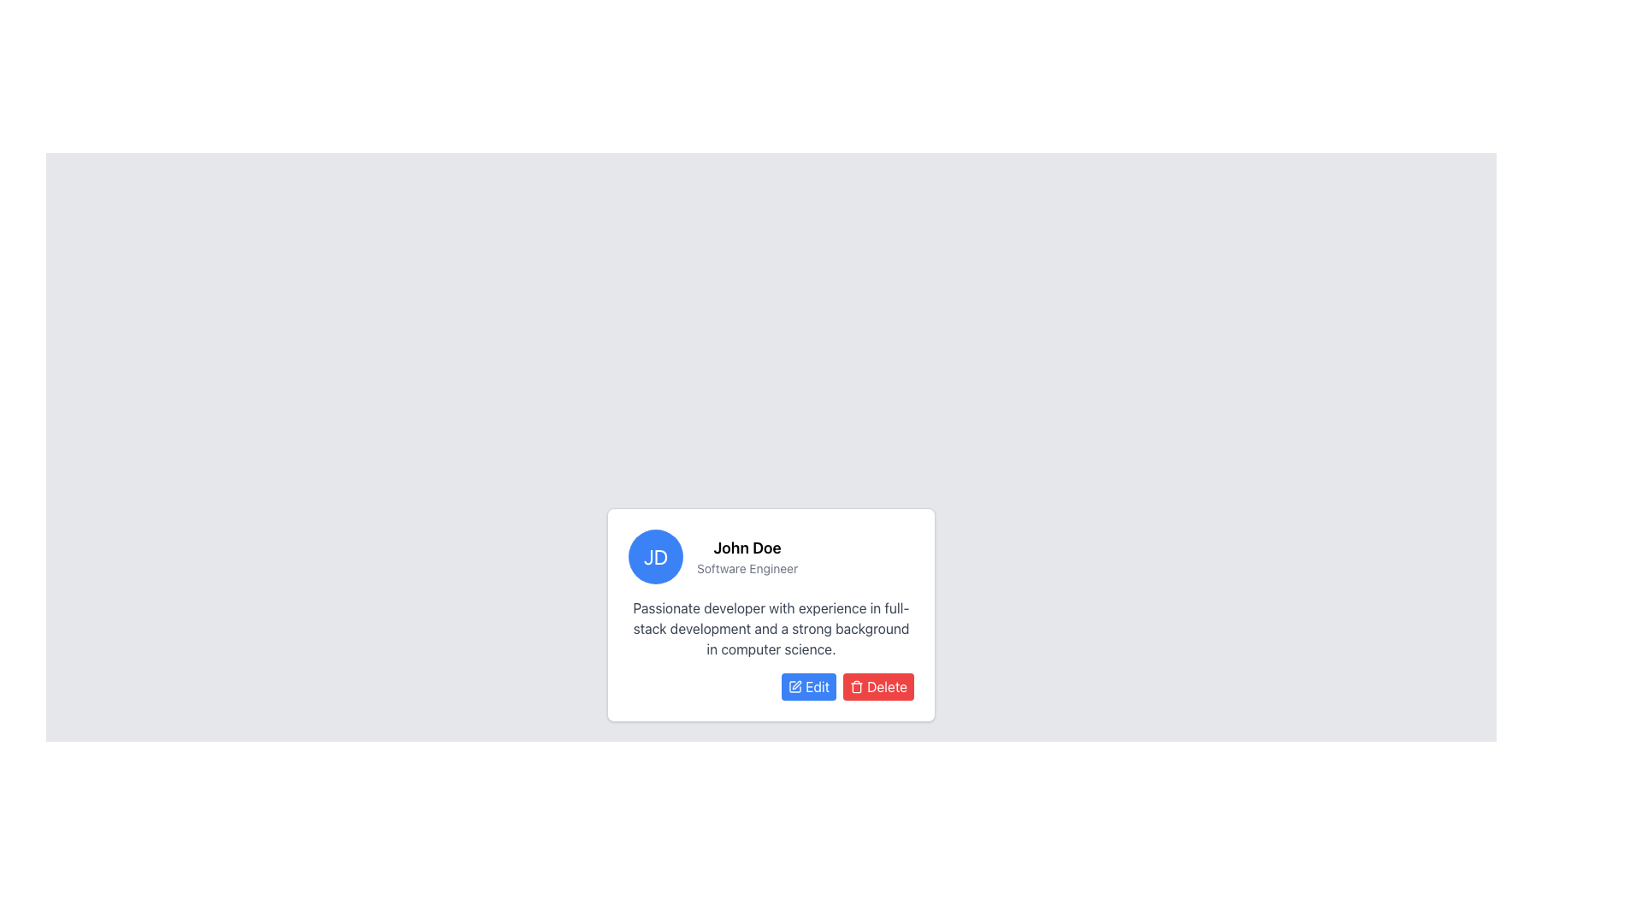 The image size is (1642, 924). What do you see at coordinates (857, 685) in the screenshot?
I see `the delete icon located within the 'Delete' button at the bottom of the profile card to initiate the delete action` at bounding box center [857, 685].